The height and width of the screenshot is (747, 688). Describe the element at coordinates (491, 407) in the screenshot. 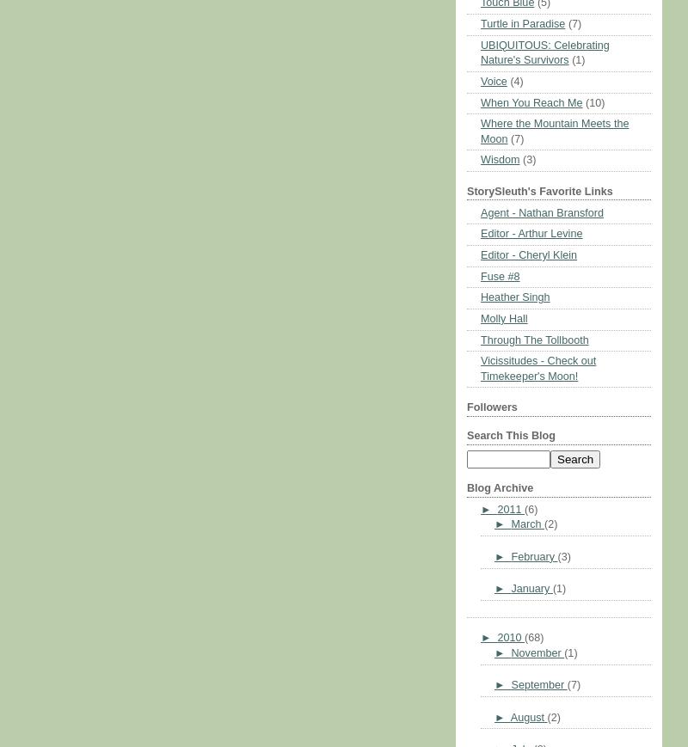

I see `'Followers'` at that location.